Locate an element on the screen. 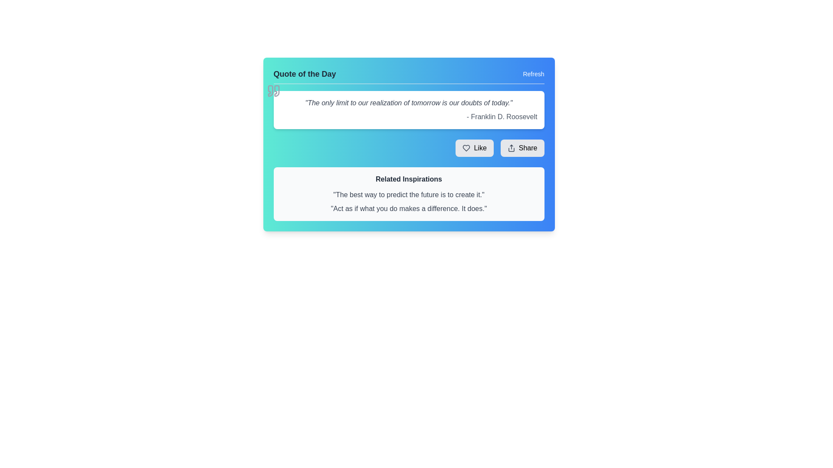  the decorative quotation mark graphic, which signifies the presence of a quote, located slightly above and to the left of the 'Quote of the Day' text section in the top-left corner of the widget is located at coordinates (276, 91).